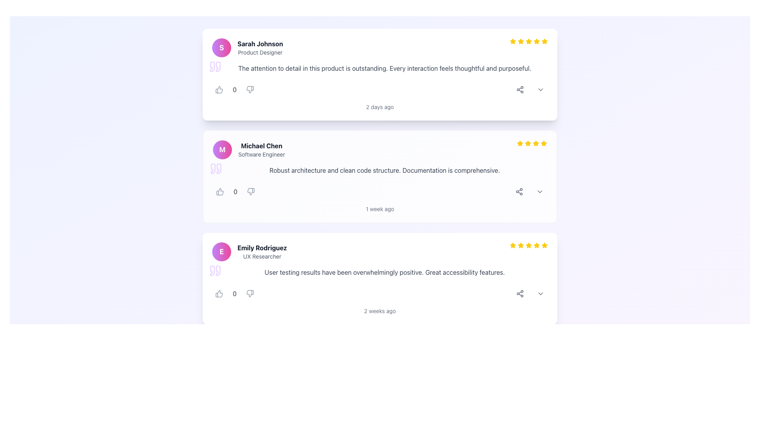 The height and width of the screenshot is (427, 760). I want to click on the time reference text label located at the bottom of the user comment section, which is centered horizontally and provides context for the comment's posting time, so click(380, 208).